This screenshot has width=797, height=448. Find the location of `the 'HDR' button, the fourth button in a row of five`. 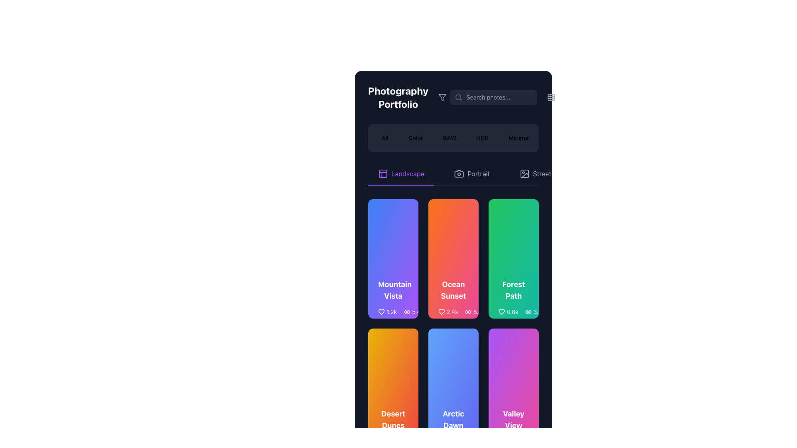

the 'HDR' button, the fourth button in a row of five is located at coordinates (482, 137).